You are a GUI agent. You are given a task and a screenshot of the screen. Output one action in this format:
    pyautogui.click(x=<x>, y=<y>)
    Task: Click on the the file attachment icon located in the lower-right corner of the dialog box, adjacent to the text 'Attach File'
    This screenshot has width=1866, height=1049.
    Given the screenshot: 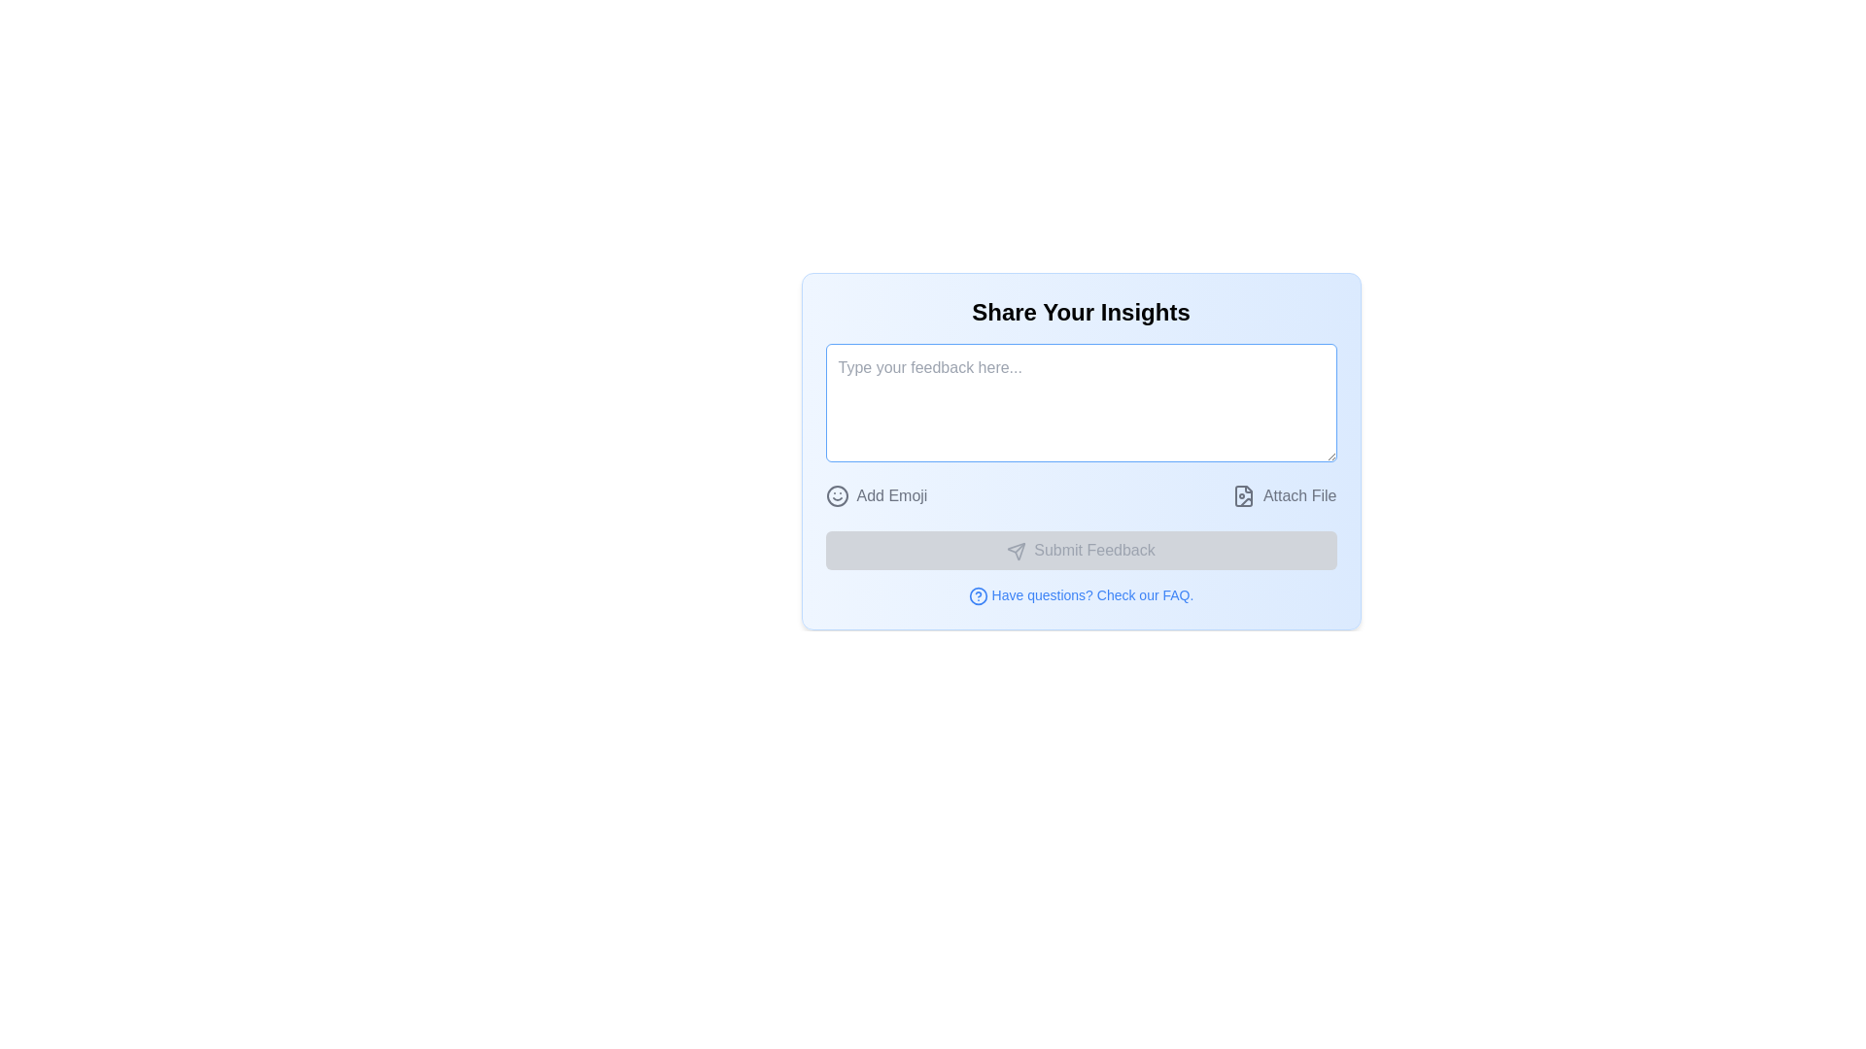 What is the action you would take?
    pyautogui.click(x=1242, y=494)
    